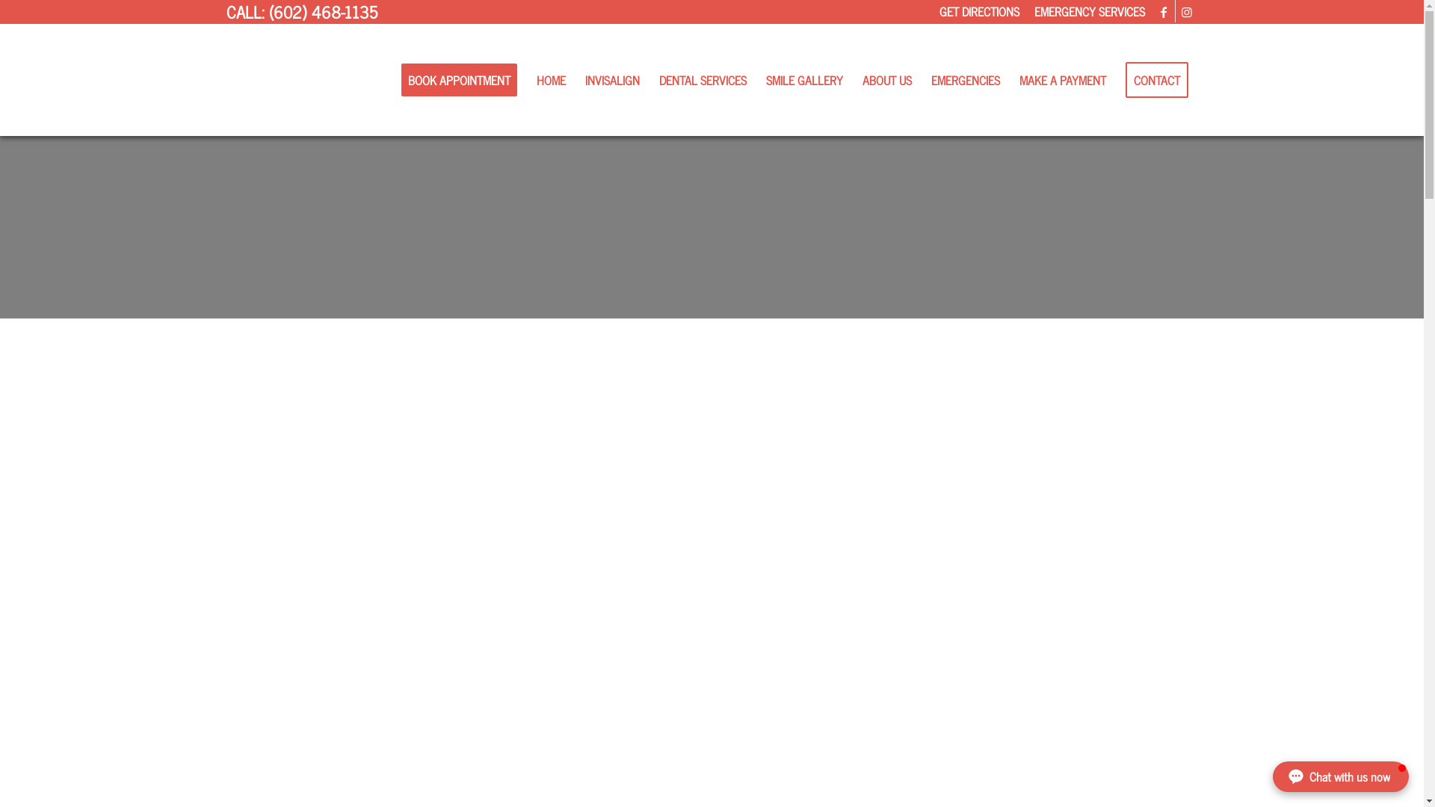  What do you see at coordinates (612, 80) in the screenshot?
I see `'INVISALIGN'` at bounding box center [612, 80].